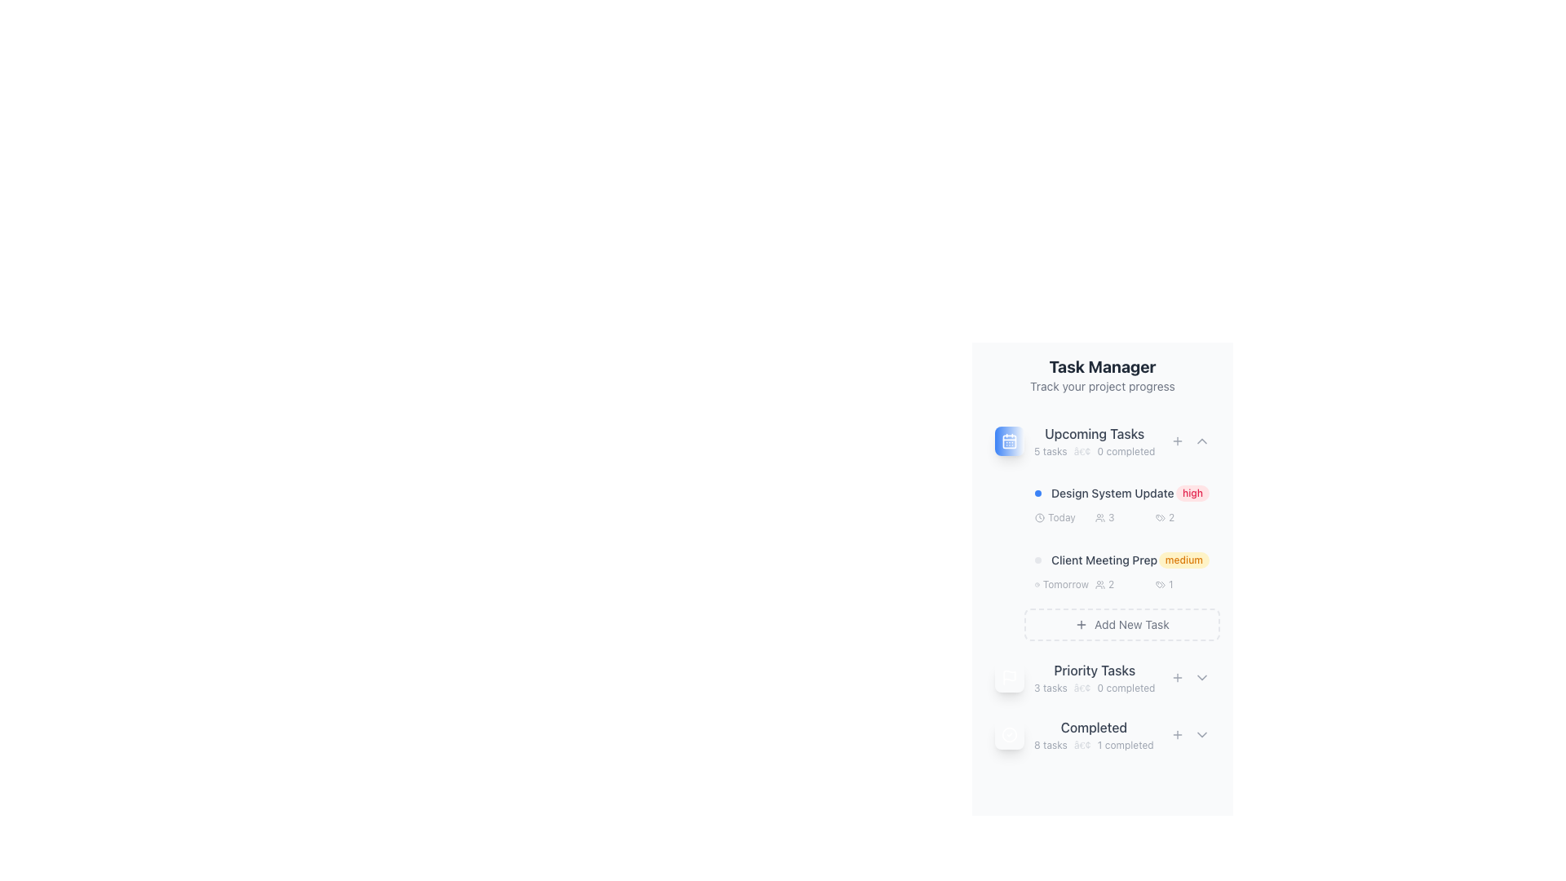  Describe the element at coordinates (1039, 518) in the screenshot. I see `the SVG circle element located in the 'Upcoming Tasks' section of the UI, which serves as a visual aid` at that location.